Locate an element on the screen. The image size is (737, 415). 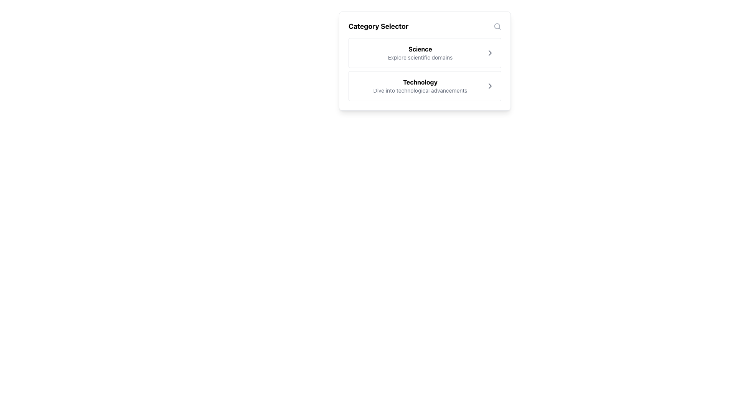
the category button for technological advancements, which is the second selectable item below the 'Science' button is located at coordinates (425, 86).